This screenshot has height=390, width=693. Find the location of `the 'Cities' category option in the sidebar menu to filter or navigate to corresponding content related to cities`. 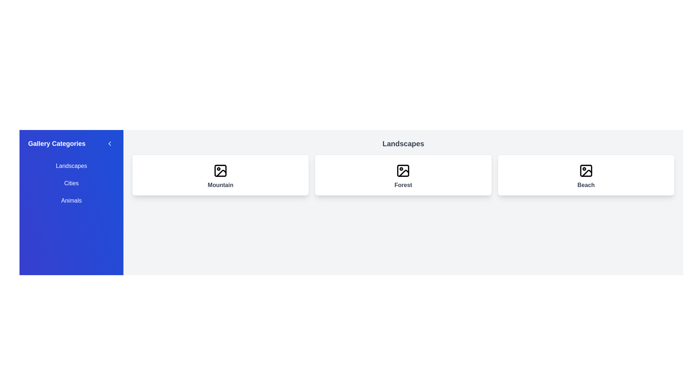

the 'Cities' category option in the sidebar menu to filter or navigate to corresponding content related to cities is located at coordinates (71, 183).